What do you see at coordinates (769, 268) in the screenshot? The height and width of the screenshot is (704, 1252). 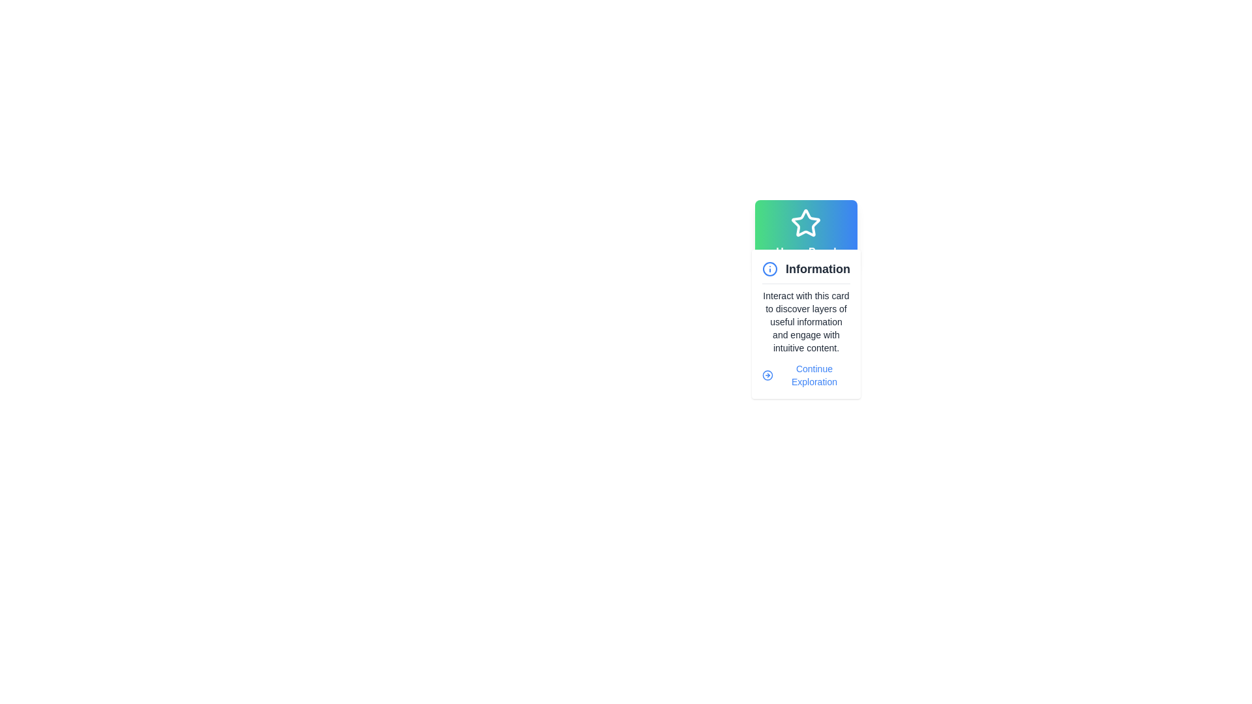 I see `the information icon located directly to the left of the 'Information' text` at bounding box center [769, 268].